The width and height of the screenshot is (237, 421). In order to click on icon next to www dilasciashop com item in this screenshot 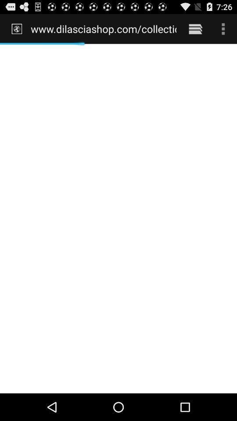, I will do `click(195, 29)`.